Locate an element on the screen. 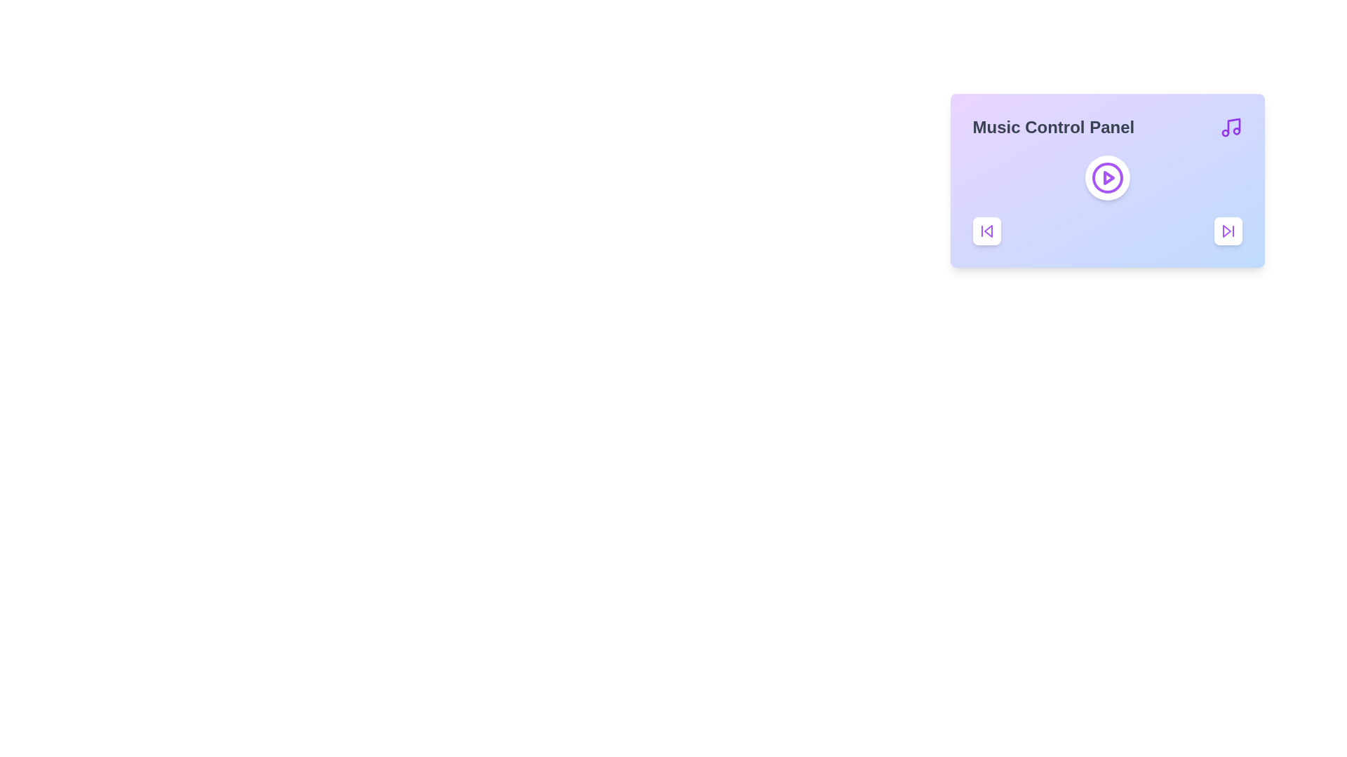 This screenshot has width=1347, height=757. the play button located at the center of the music control panel to change its background color is located at coordinates (1106, 177).